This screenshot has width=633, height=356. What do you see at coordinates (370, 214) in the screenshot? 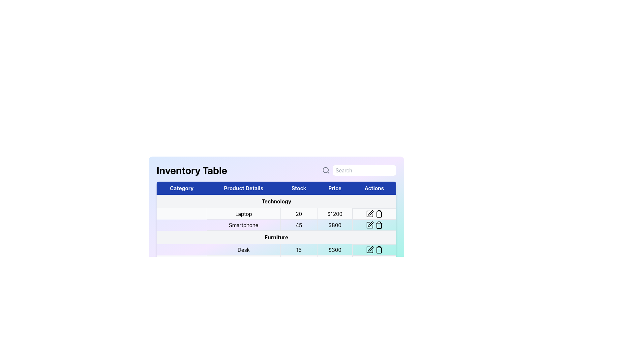
I see `the edit button icon, which is a small square-shaped pencil icon located in the 'Actions' column of the data table associated with the first row labeled 'Laptop'` at bounding box center [370, 214].